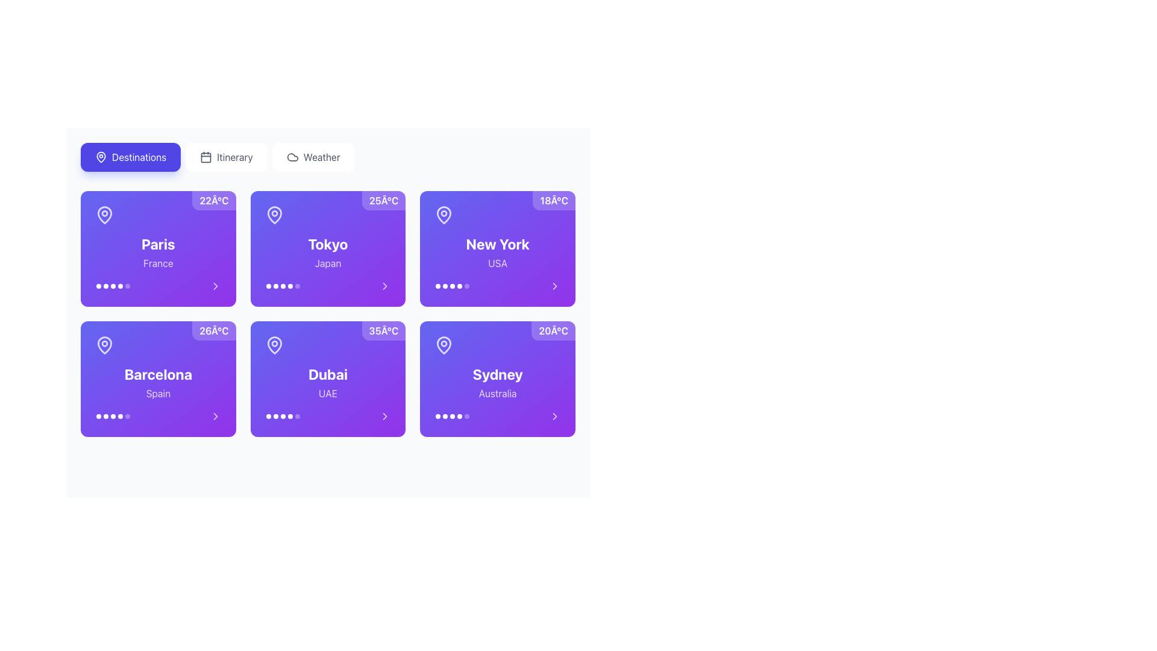 The height and width of the screenshot is (651, 1157). Describe the element at coordinates (452, 415) in the screenshot. I see `the primary group of five circular dots that indicate progression on the 'Sydney' card, located at the lower section among the bottom indicators` at that location.